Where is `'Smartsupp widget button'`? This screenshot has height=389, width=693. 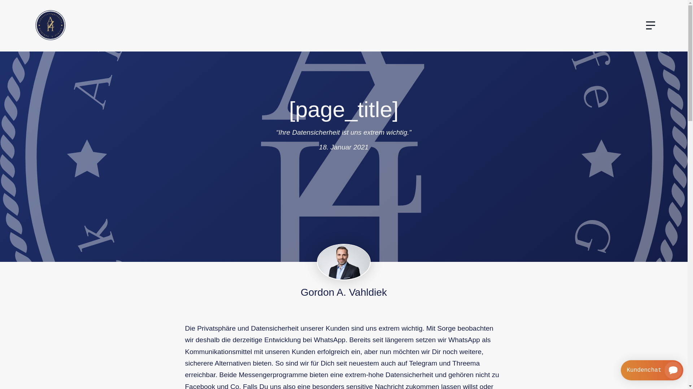
'Smartsupp widget button' is located at coordinates (620, 370).